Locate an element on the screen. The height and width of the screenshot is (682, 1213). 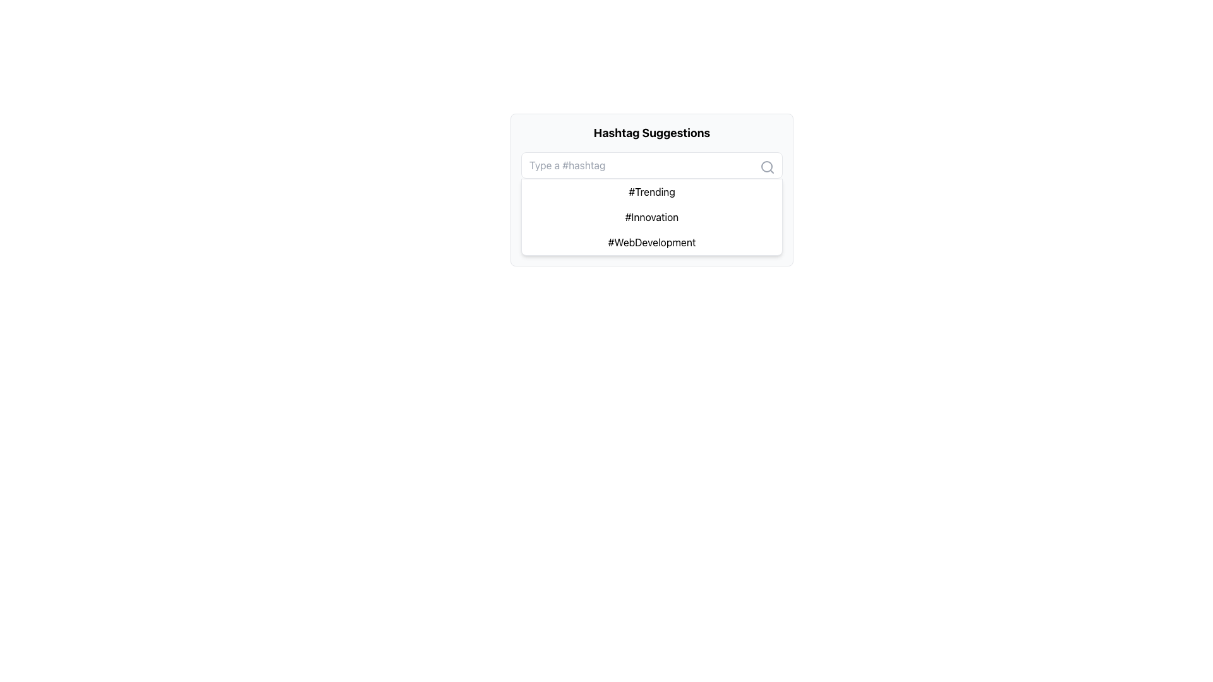
the first hashtag suggestion element located at the top of the list above '#Innovation' and '#WebDevelopment' to trigger a background change is located at coordinates (652, 192).